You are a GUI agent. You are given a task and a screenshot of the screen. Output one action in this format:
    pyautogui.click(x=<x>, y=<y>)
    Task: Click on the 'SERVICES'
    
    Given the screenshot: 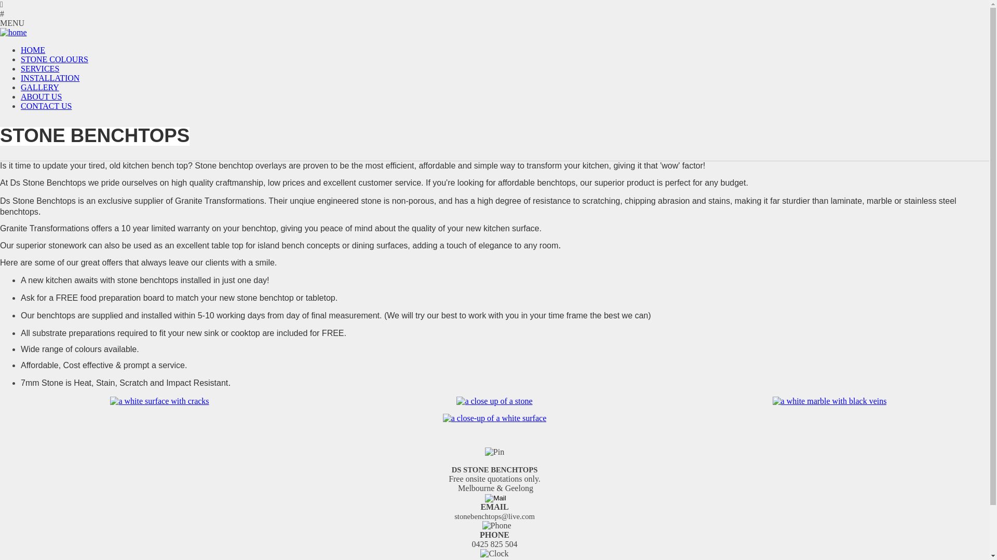 What is the action you would take?
    pyautogui.click(x=39, y=68)
    